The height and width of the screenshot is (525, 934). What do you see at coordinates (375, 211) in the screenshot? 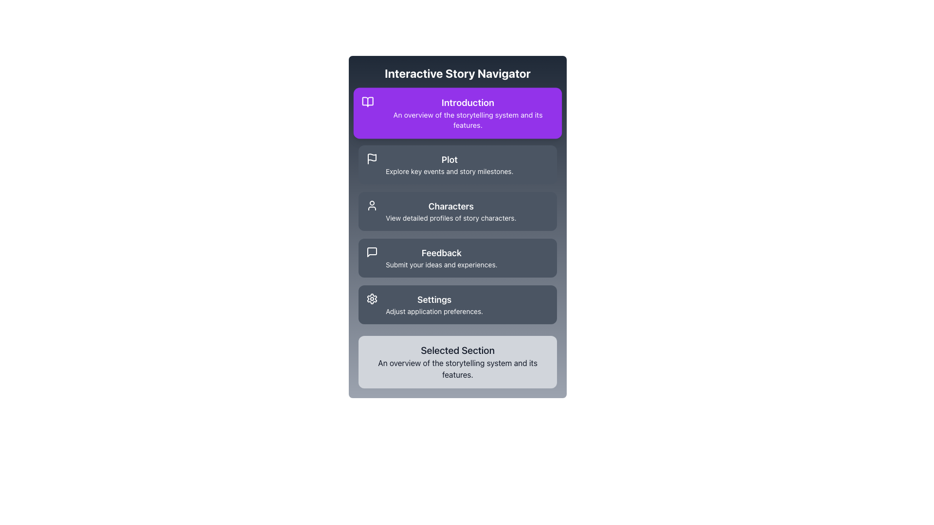
I see `the decorative user icon associated with the 'Characters' menu item located in the vertical navigation menu, positioned above the 'Feedback' menu option and below the 'Plot' menu option` at bounding box center [375, 211].